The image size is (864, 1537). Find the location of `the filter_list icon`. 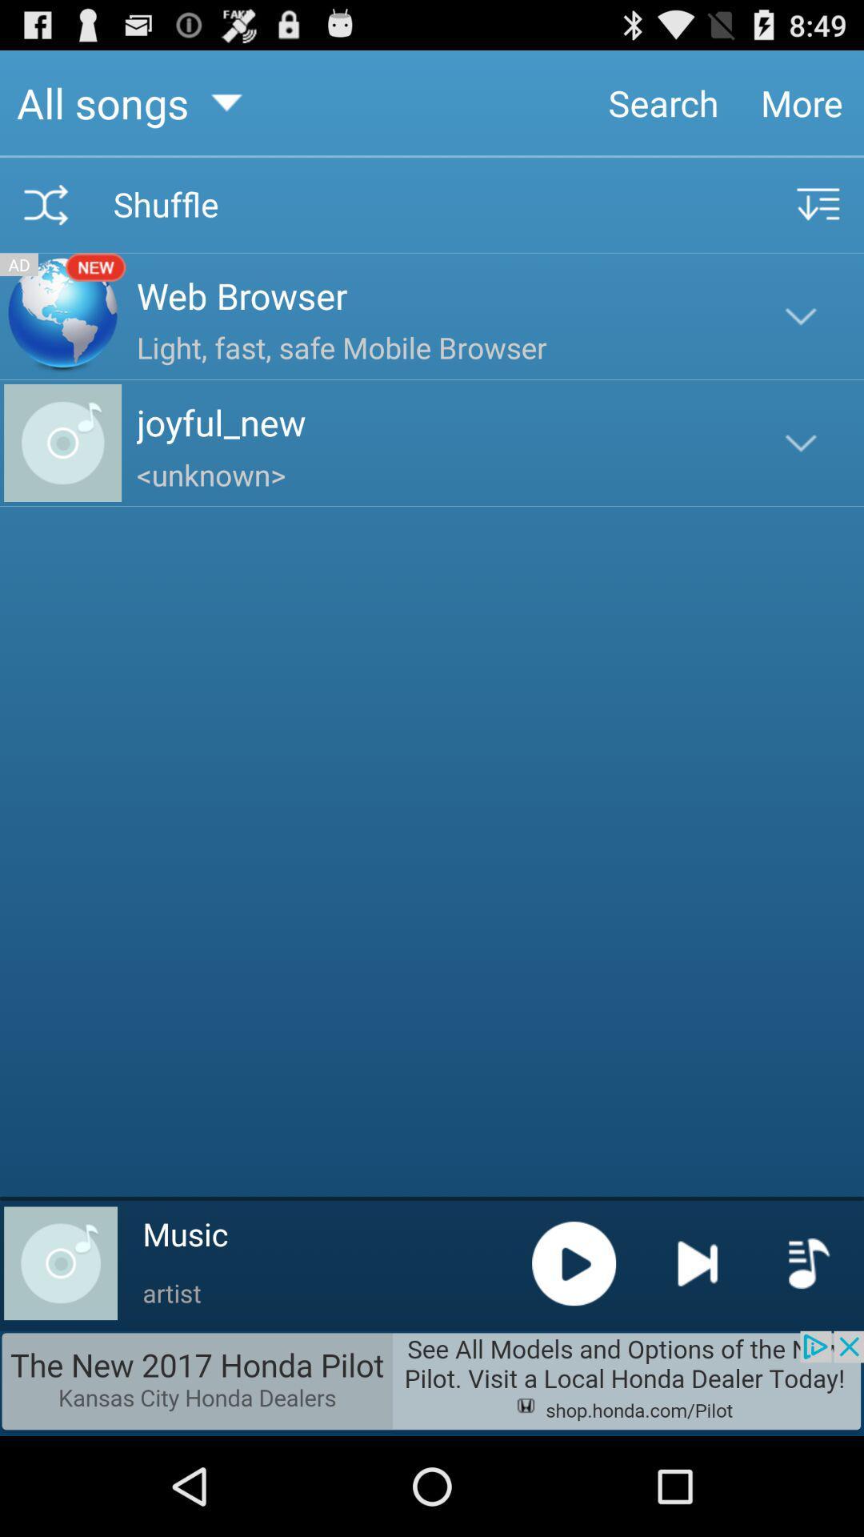

the filter_list icon is located at coordinates (818, 217).